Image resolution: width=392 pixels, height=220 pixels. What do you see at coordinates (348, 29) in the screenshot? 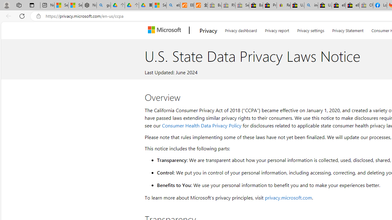
I see `'Privacy Statement'` at bounding box center [348, 29].